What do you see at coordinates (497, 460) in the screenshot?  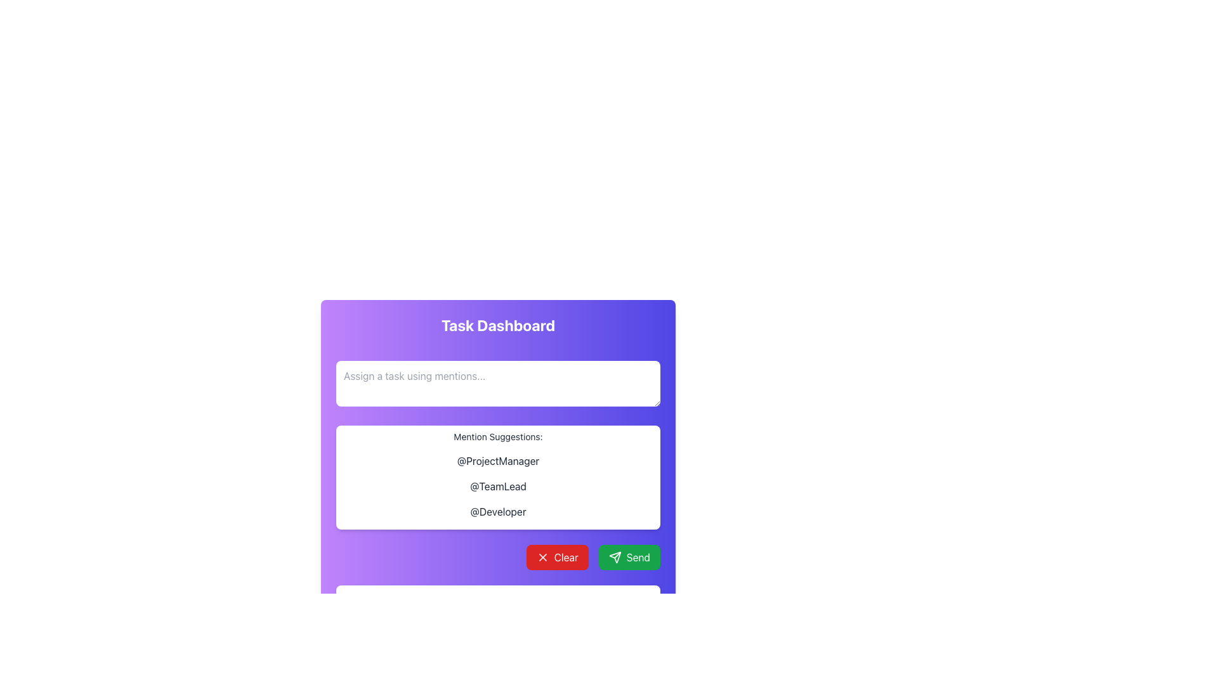 I see `the topmost entry in the 'Mention Suggestions' section, which represents the role or user titled '@ProjectManager'` at bounding box center [497, 460].